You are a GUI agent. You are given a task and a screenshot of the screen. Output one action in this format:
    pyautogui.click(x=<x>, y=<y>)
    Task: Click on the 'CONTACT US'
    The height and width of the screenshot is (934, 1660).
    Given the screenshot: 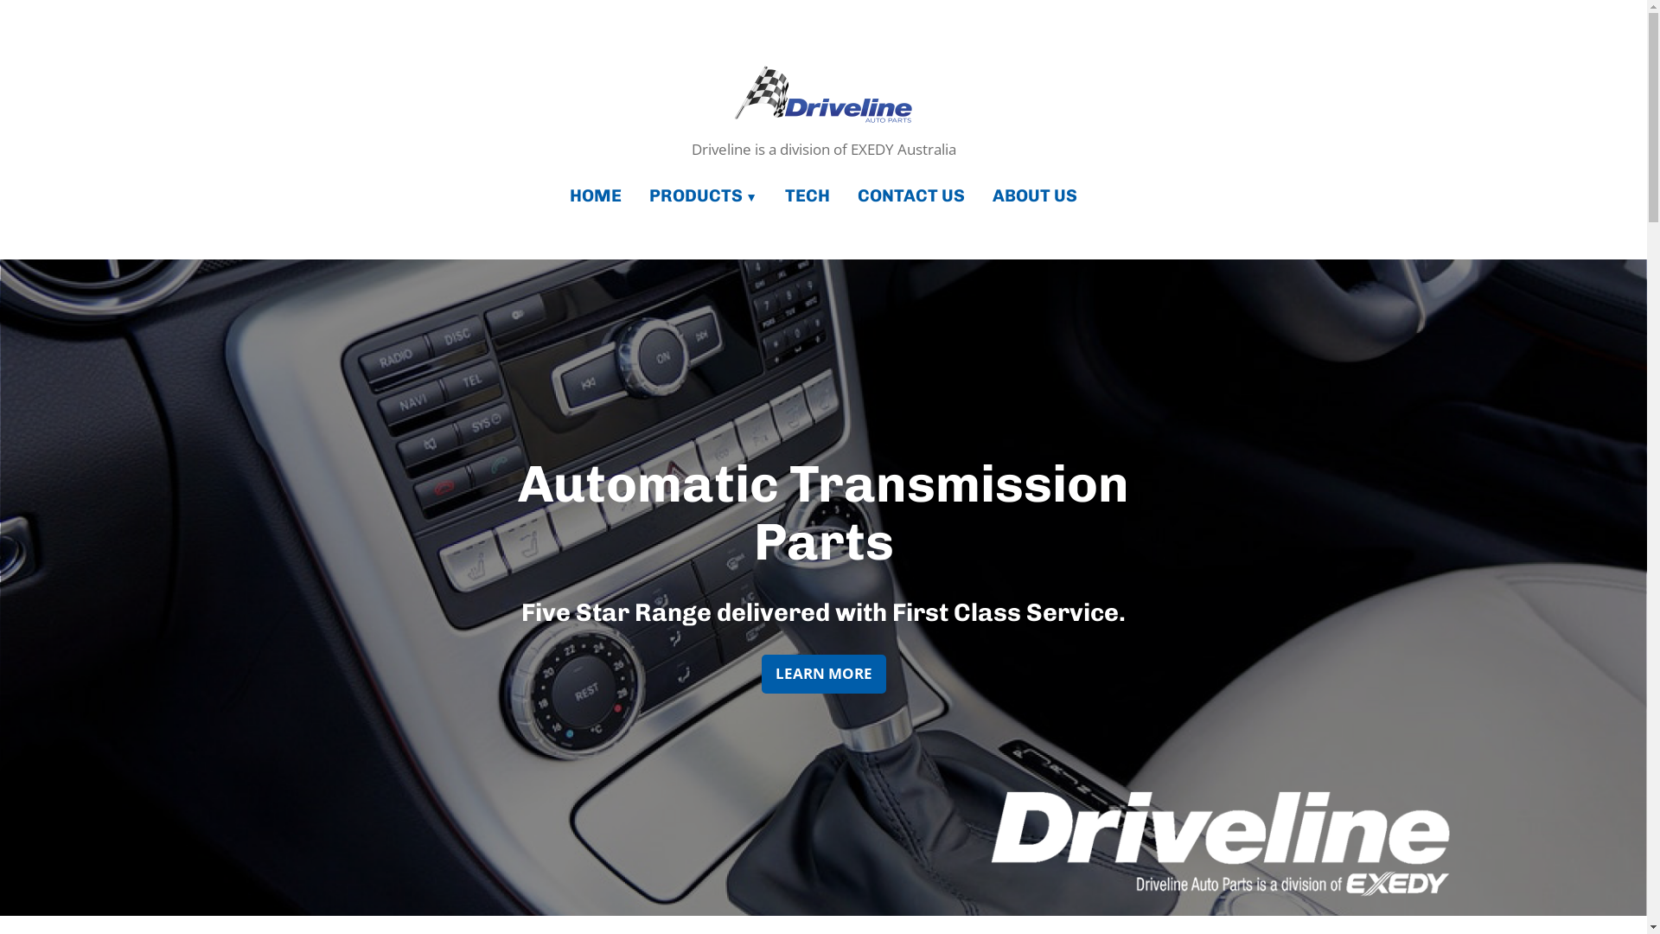 What is the action you would take?
    pyautogui.click(x=843, y=195)
    